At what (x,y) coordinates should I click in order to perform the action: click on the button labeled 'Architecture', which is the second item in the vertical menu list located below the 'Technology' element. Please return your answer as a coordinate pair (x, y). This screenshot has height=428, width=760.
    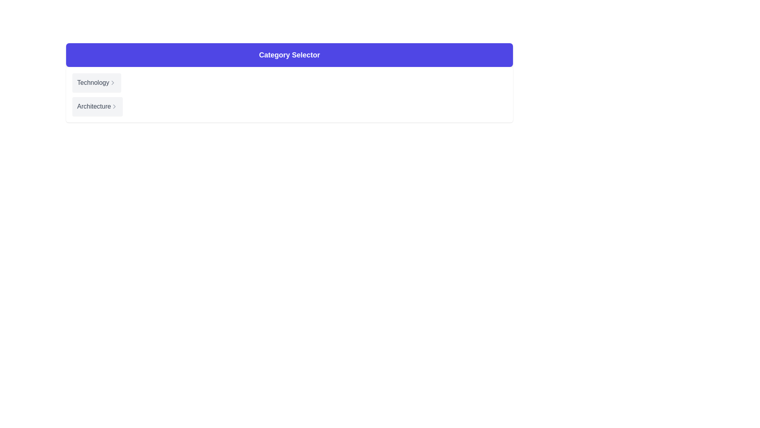
    Looking at the image, I should click on (97, 106).